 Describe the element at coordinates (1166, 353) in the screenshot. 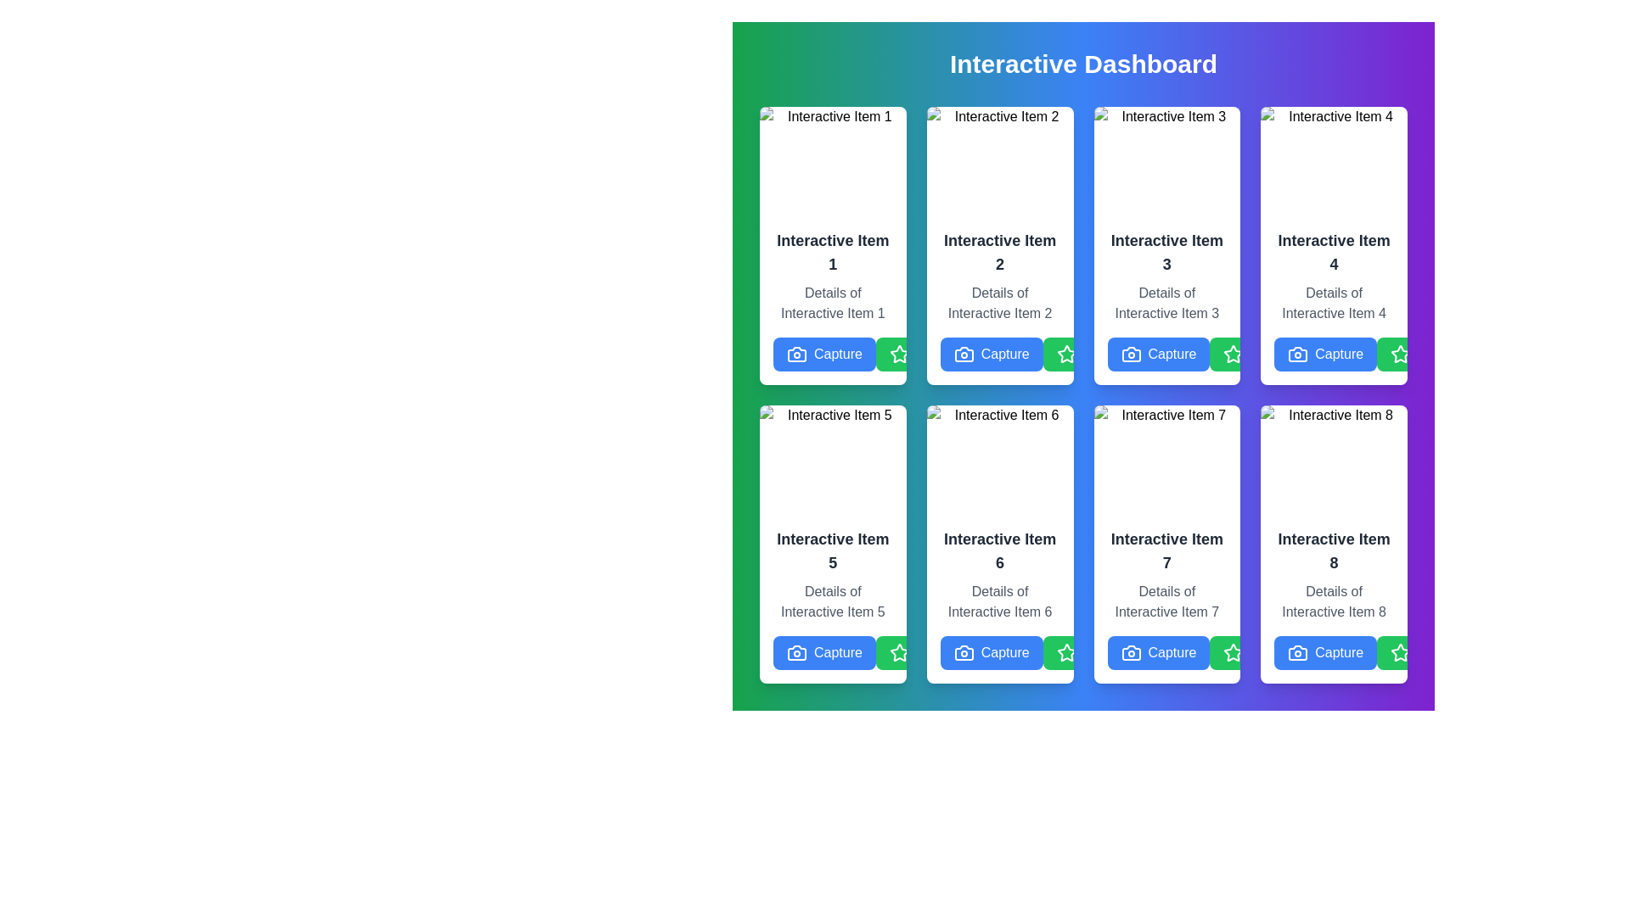

I see `the 'Capture' button, which is a blue rectangular button with white text and a camera icon` at that location.